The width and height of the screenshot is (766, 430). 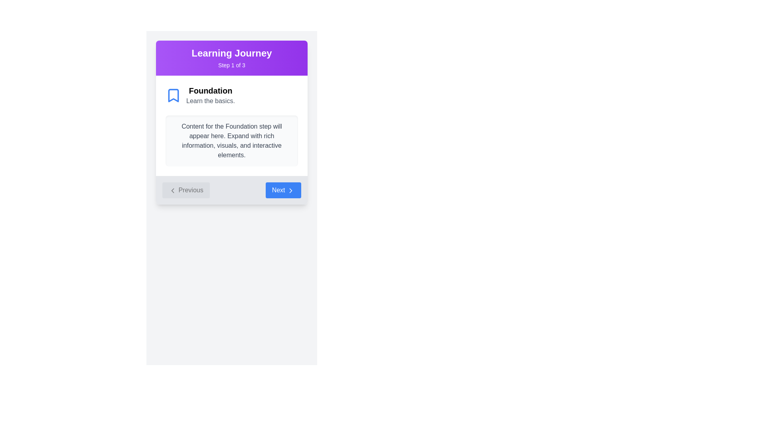 What do you see at coordinates (211, 101) in the screenshot?
I see `the text label that displays 'Learn the basics.' styled in gray, which is located below the bold title 'Foundation' in the learning navigation card` at bounding box center [211, 101].